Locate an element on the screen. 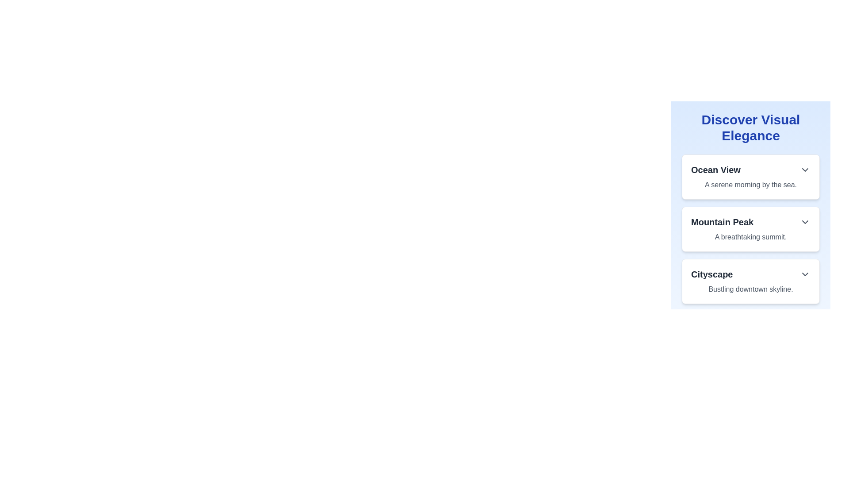 The image size is (849, 478). text element displaying the phrase 'A serene morning by the sea.' located beneath the 'Ocean View' heading is located at coordinates (750, 184).